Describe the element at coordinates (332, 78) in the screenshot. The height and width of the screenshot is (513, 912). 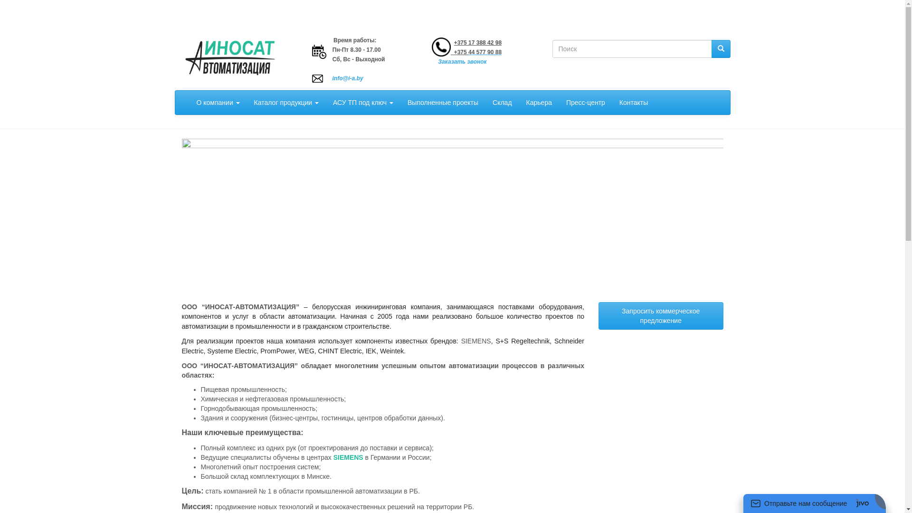
I see `'info@i-a.by'` at that location.